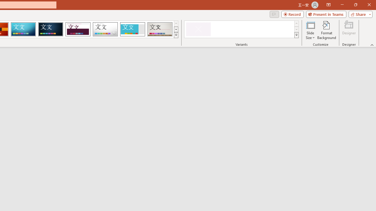 This screenshot has height=211, width=376. What do you see at coordinates (105, 29) in the screenshot?
I see `'Droplet Loading Preview...'` at bounding box center [105, 29].